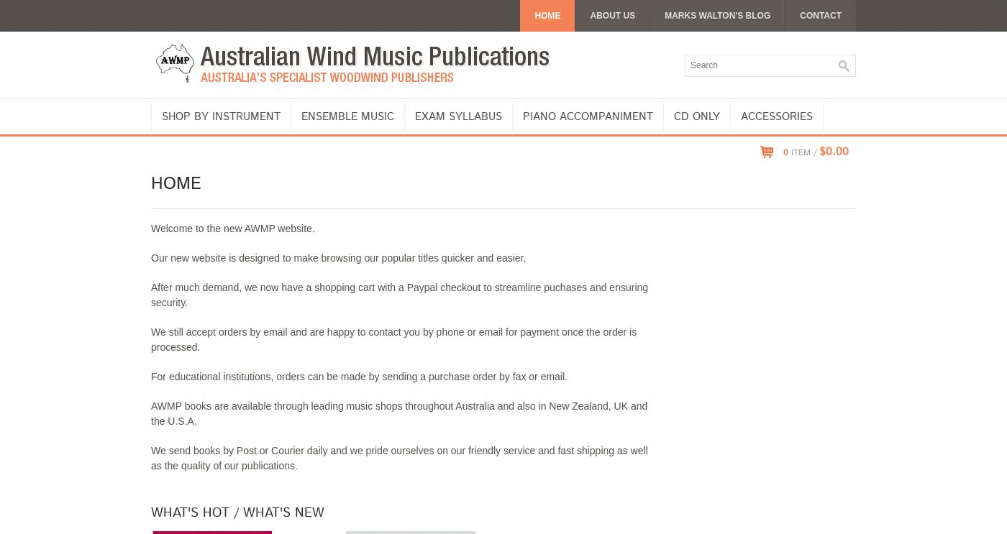 This screenshot has width=1007, height=534. Describe the element at coordinates (717, 15) in the screenshot. I see `'Marks Walton's Blog'` at that location.